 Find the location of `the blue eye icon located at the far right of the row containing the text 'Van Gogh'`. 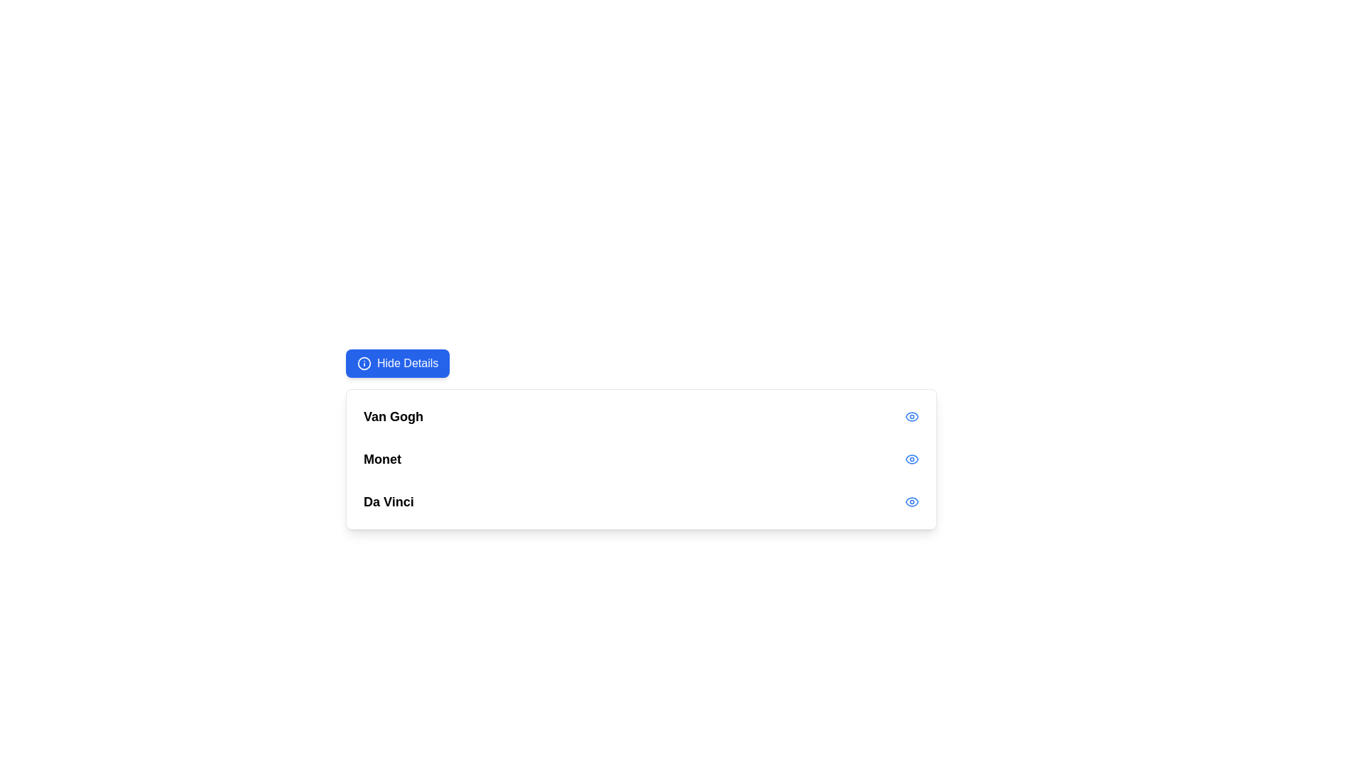

the blue eye icon located at the far right of the row containing the text 'Van Gogh' is located at coordinates (911, 415).